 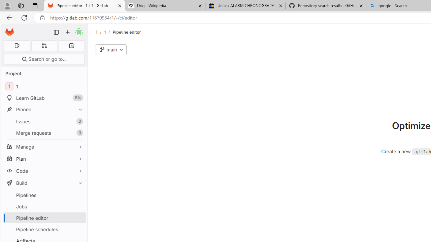 I want to click on 'Unpin Issues', so click(x=79, y=121).